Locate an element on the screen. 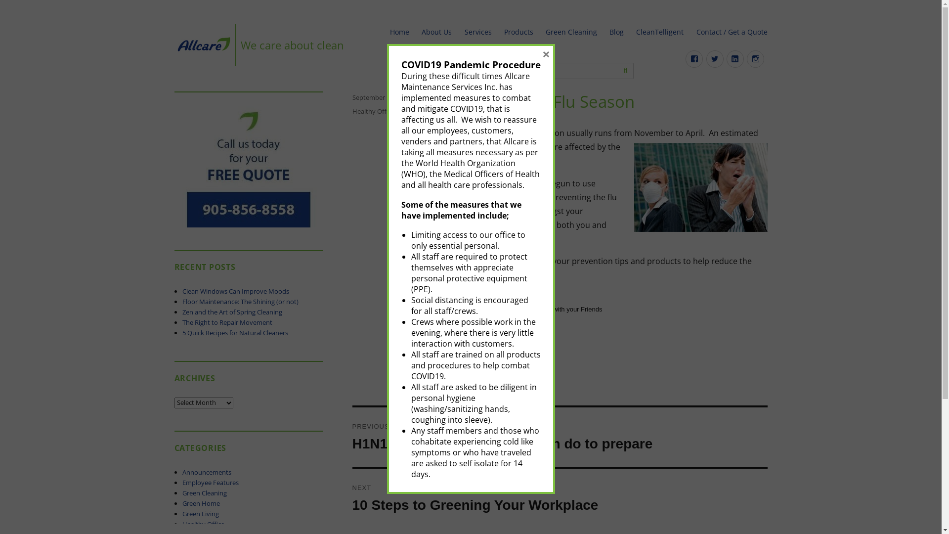 This screenshot has width=949, height=534. 'Employee Features' is located at coordinates (182, 482).